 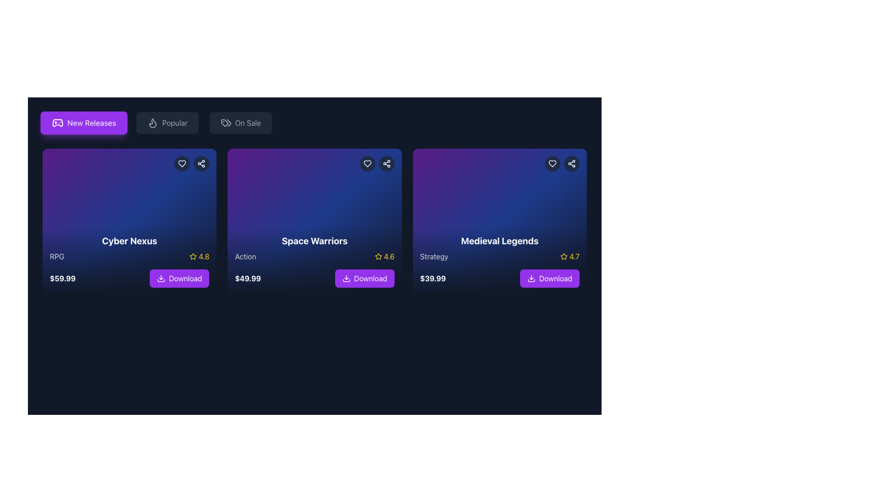 What do you see at coordinates (248, 123) in the screenshot?
I see `the 'On Sale' label` at bounding box center [248, 123].